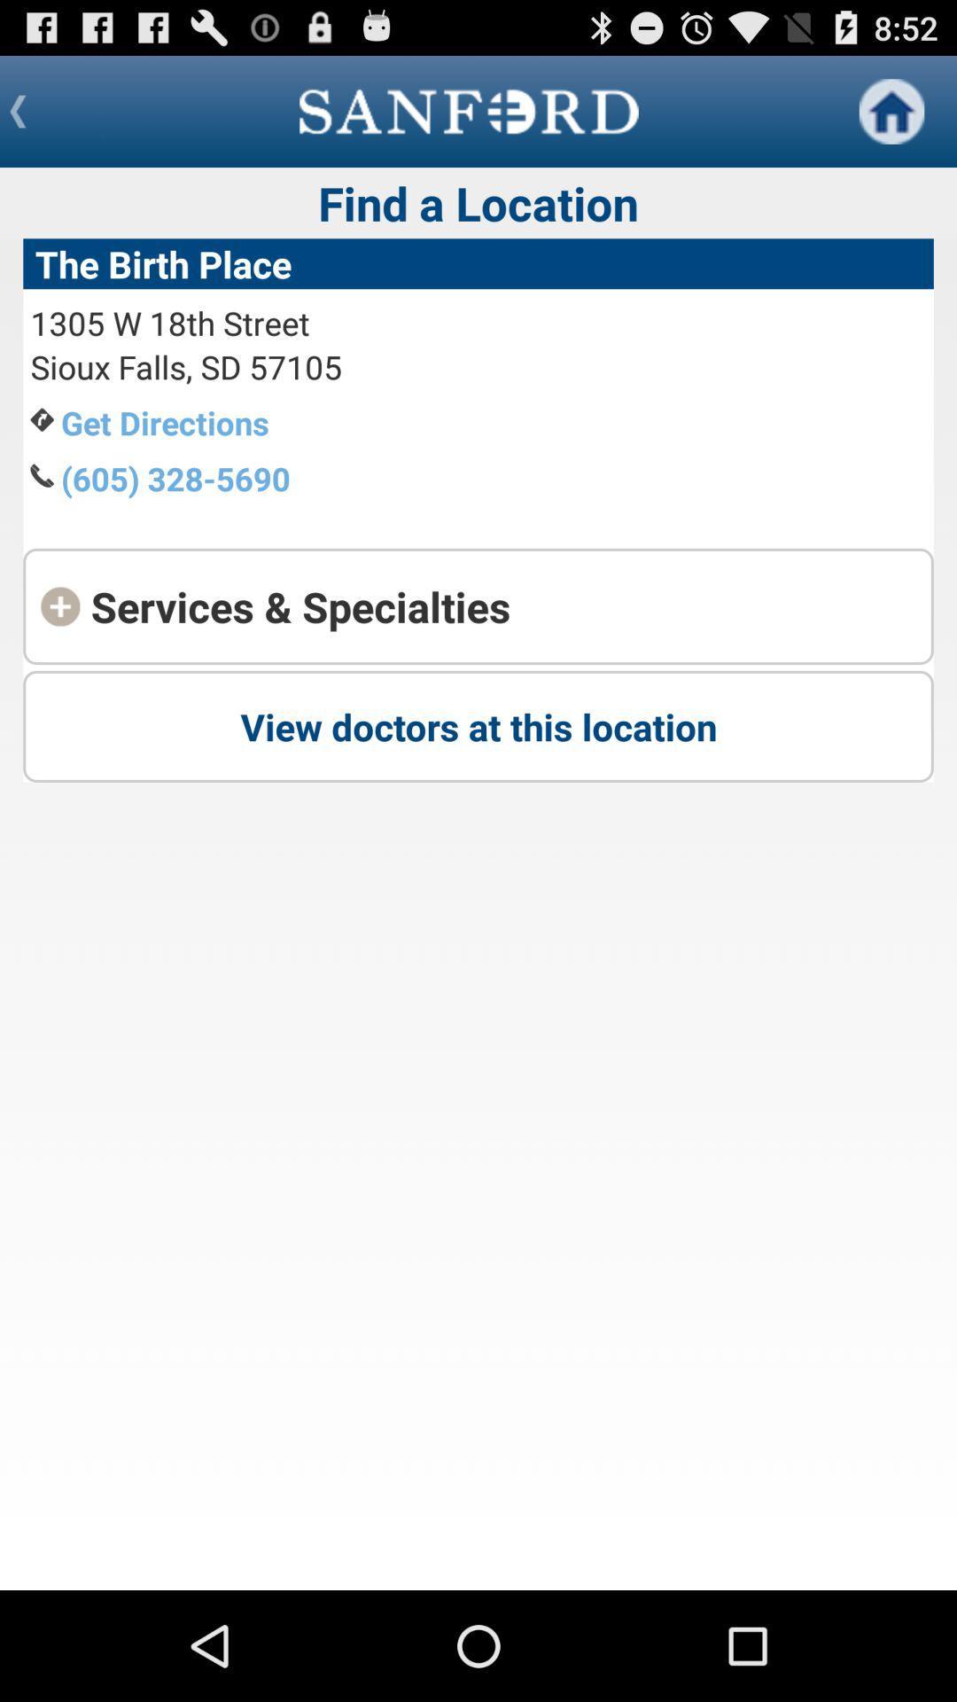 This screenshot has width=957, height=1702. I want to click on view doctors at at the center, so click(478, 726).